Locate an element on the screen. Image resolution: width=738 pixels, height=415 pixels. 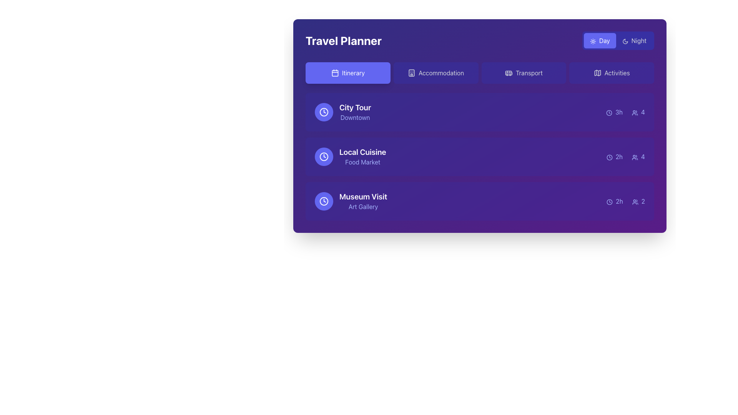
the users icon, which is a small icon resembling a group of people, located in the third row next to the '2h' duration and '4' participants label is located at coordinates (635, 157).